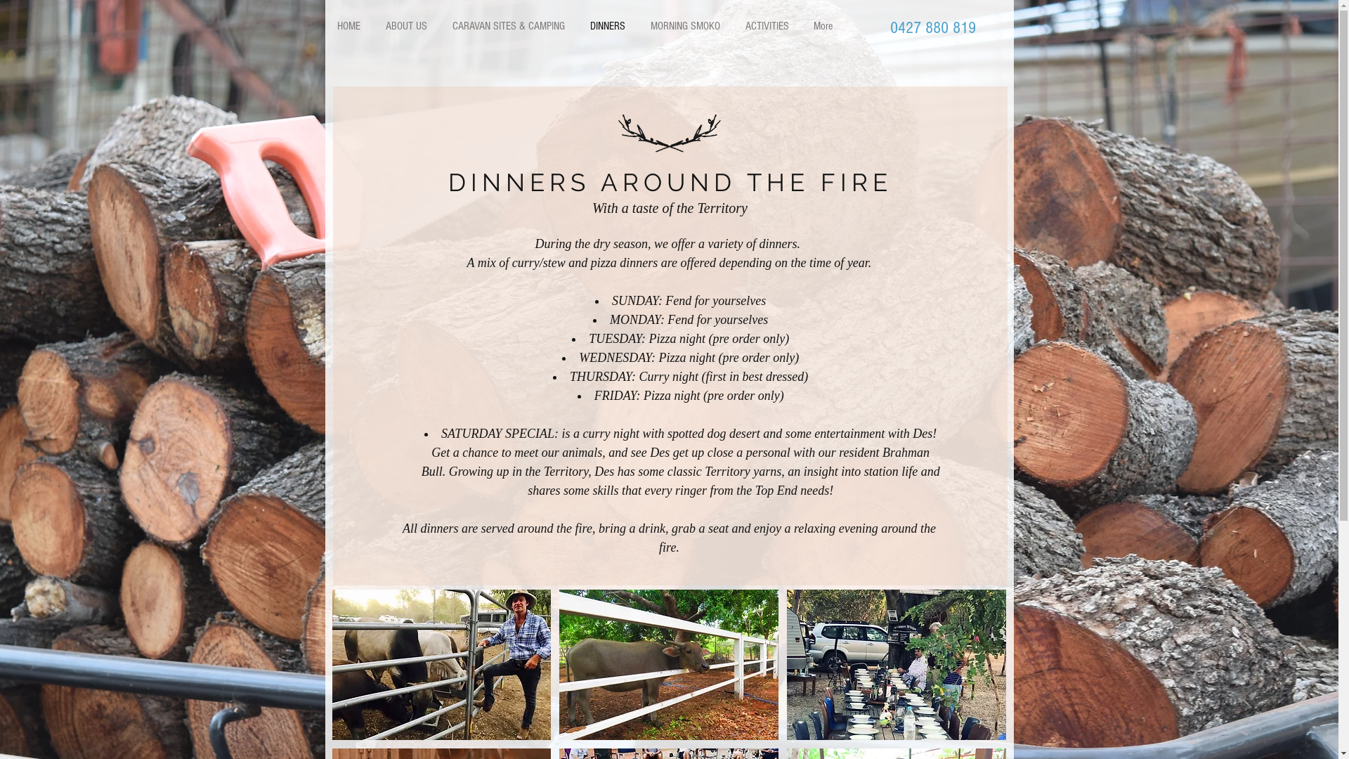  Describe the element at coordinates (765, 26) in the screenshot. I see `'ACTIVITIES'` at that location.